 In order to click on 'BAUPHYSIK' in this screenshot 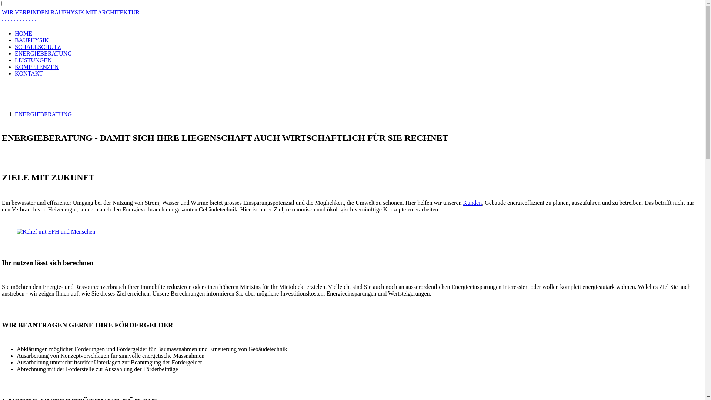, I will do `click(31, 40)`.